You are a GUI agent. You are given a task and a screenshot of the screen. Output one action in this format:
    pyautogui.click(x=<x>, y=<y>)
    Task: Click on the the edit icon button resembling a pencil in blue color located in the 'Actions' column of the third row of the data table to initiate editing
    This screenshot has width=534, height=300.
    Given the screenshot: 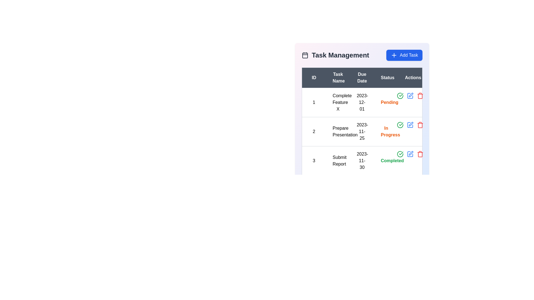 What is the action you would take?
    pyautogui.click(x=410, y=95)
    